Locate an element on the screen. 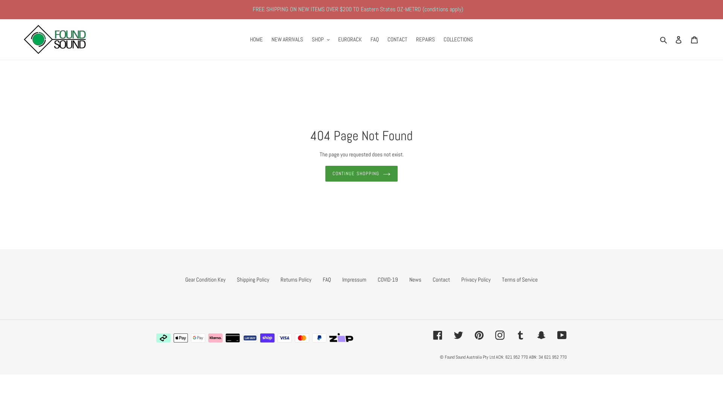  'NEW ARRIVALS' is located at coordinates (287, 39).